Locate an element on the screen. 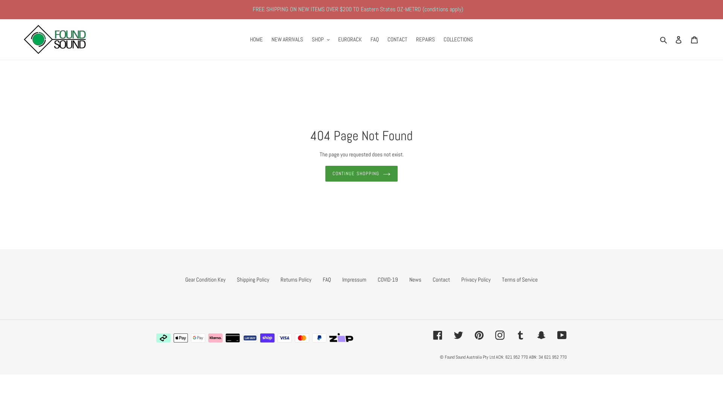  'NEW ARRIVALS' is located at coordinates (287, 39).